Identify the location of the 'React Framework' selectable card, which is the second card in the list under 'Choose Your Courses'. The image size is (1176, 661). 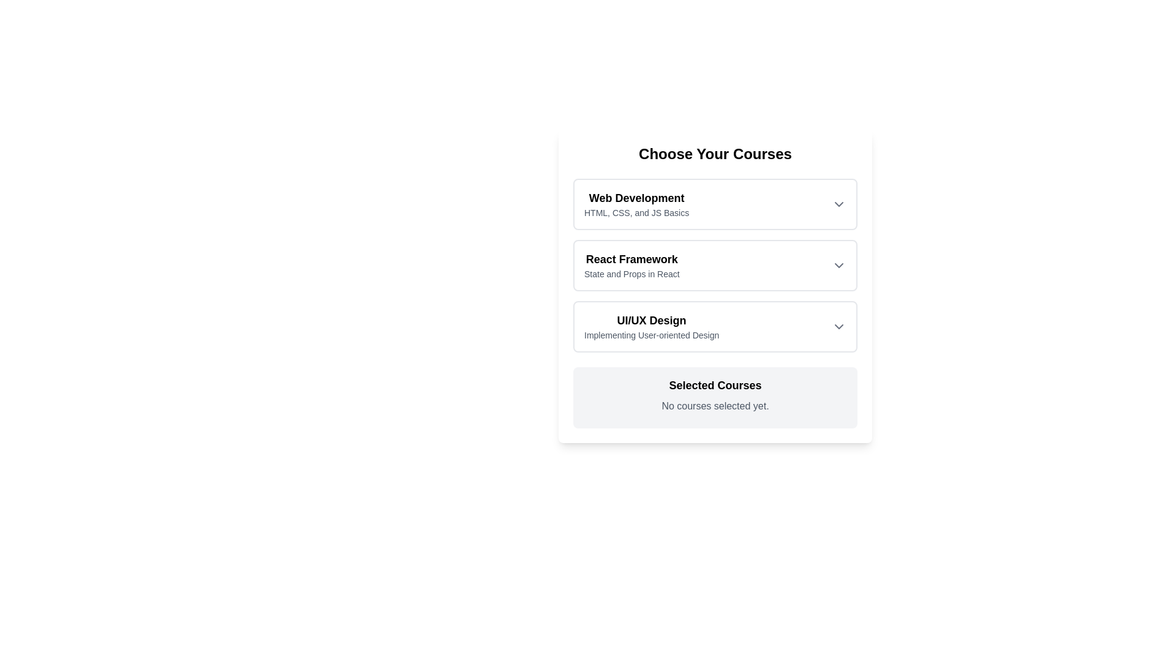
(715, 265).